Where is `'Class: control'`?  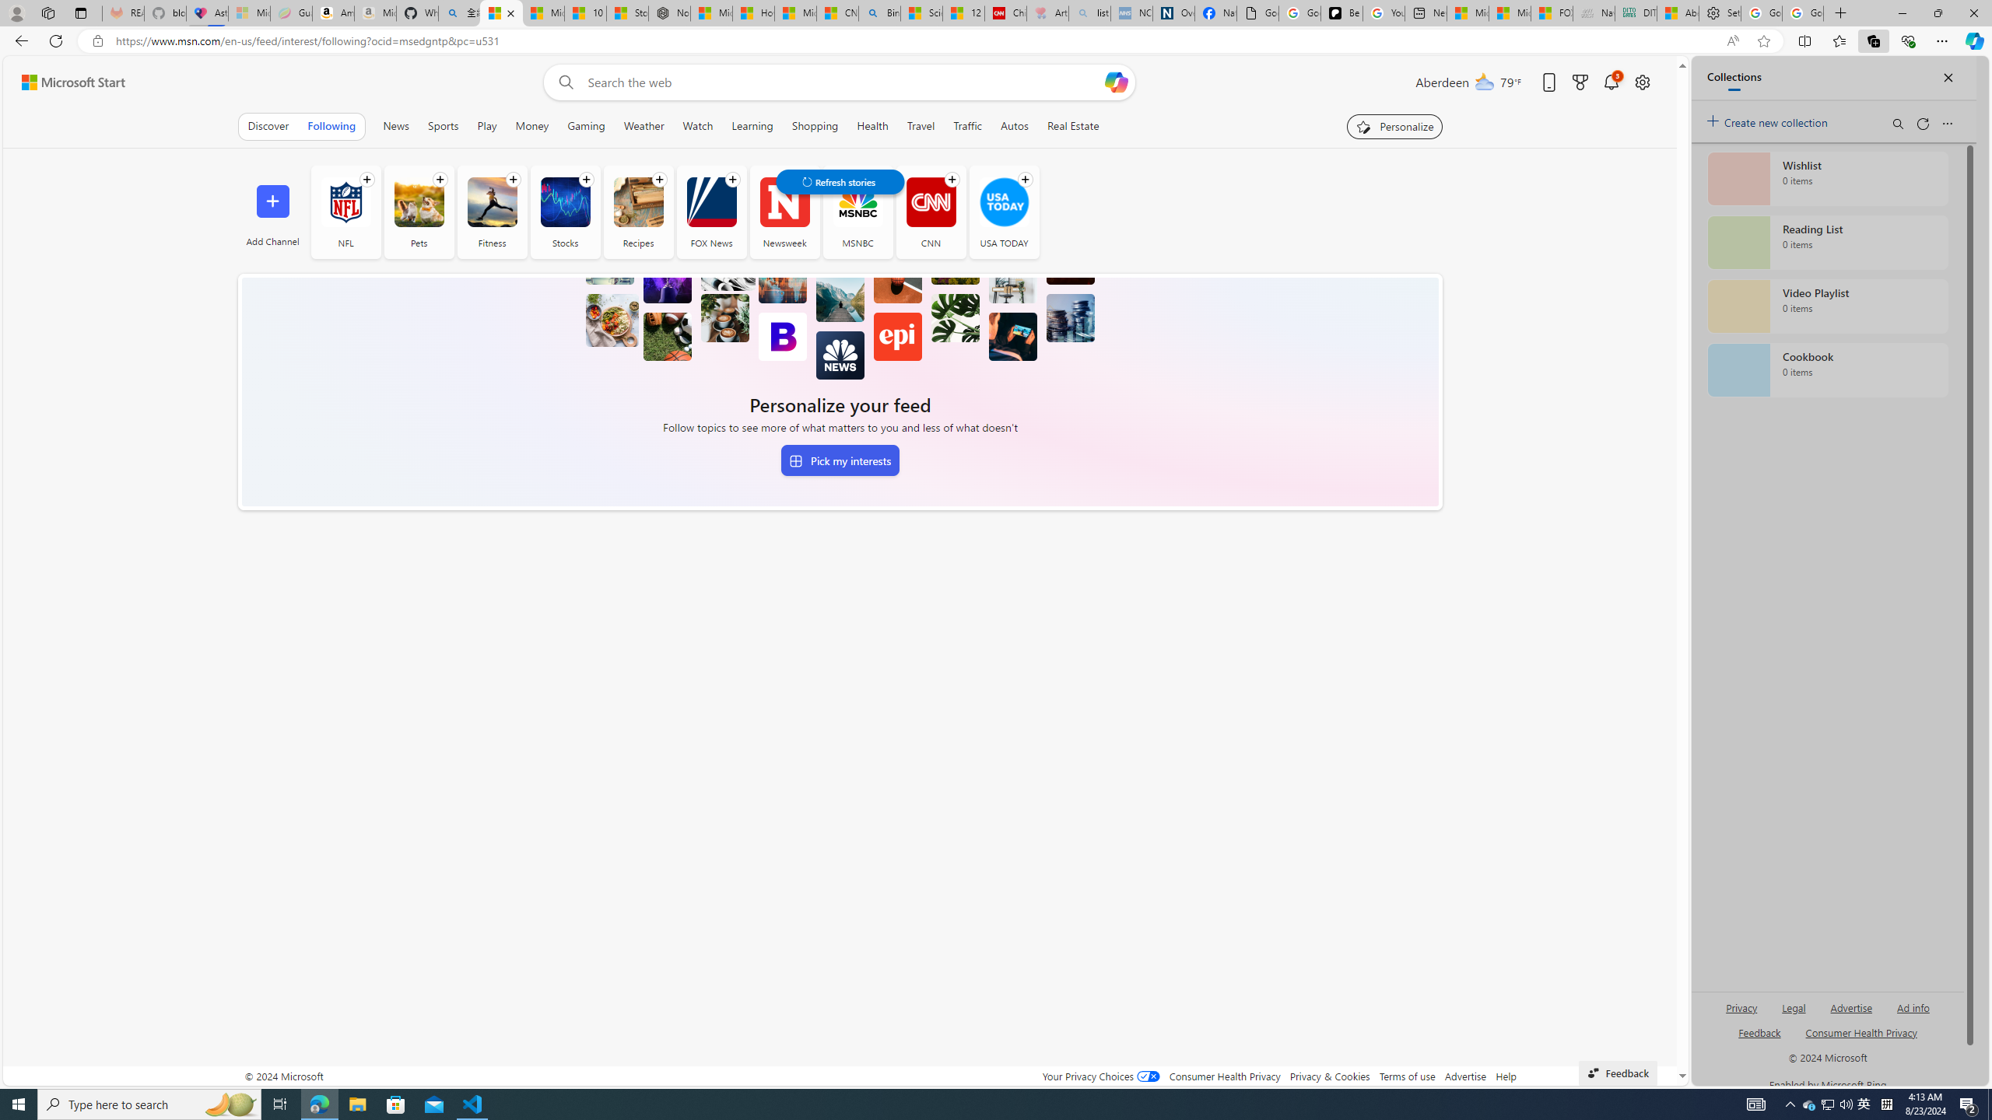
'Class: control' is located at coordinates (840, 181).